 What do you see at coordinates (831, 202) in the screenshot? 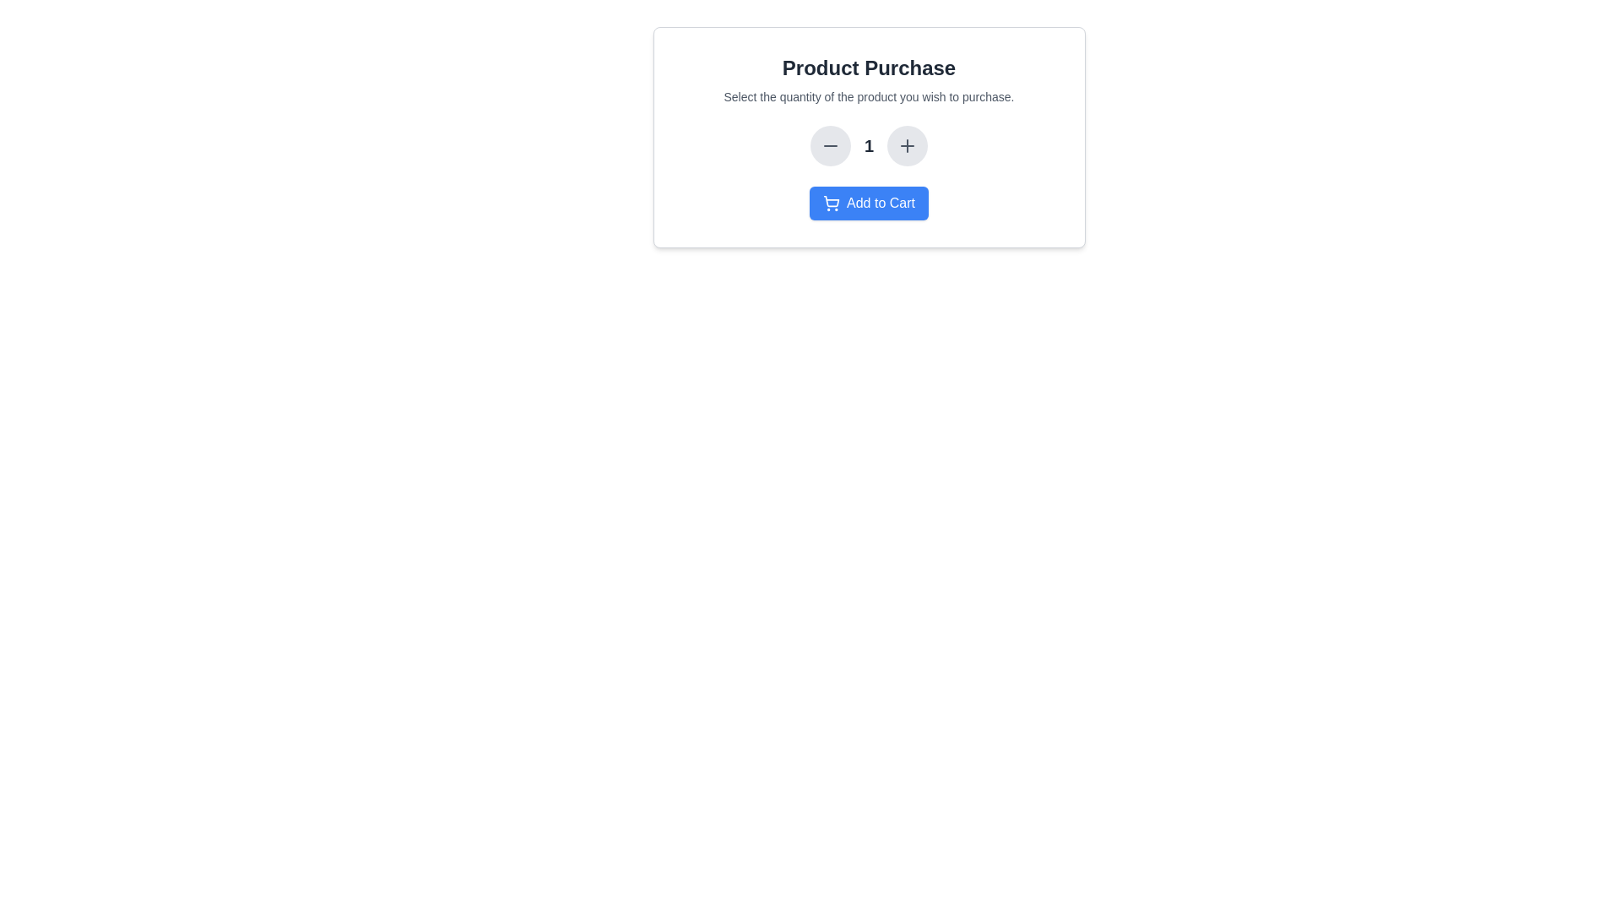
I see `the shopping cart icon located to the left of the 'Add to Cart' text within the blue rectangle button below the quantity selector` at bounding box center [831, 202].